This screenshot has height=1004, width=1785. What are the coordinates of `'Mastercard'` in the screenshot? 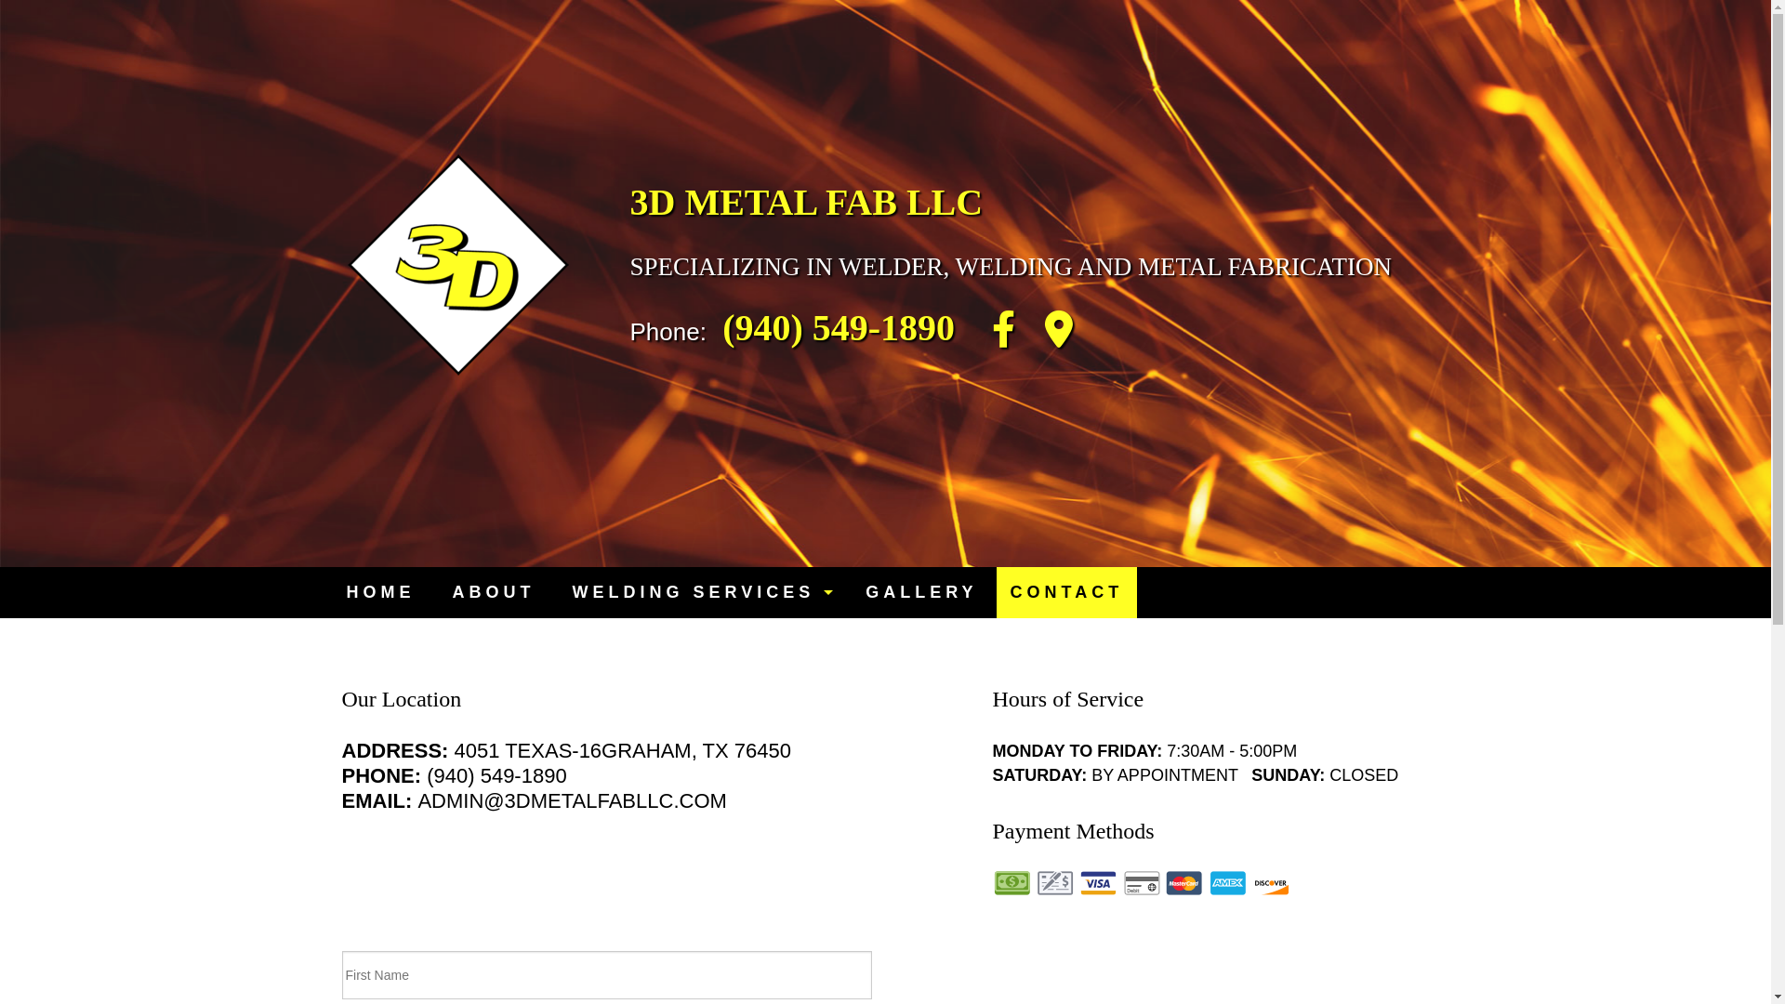 It's located at (1183, 881).